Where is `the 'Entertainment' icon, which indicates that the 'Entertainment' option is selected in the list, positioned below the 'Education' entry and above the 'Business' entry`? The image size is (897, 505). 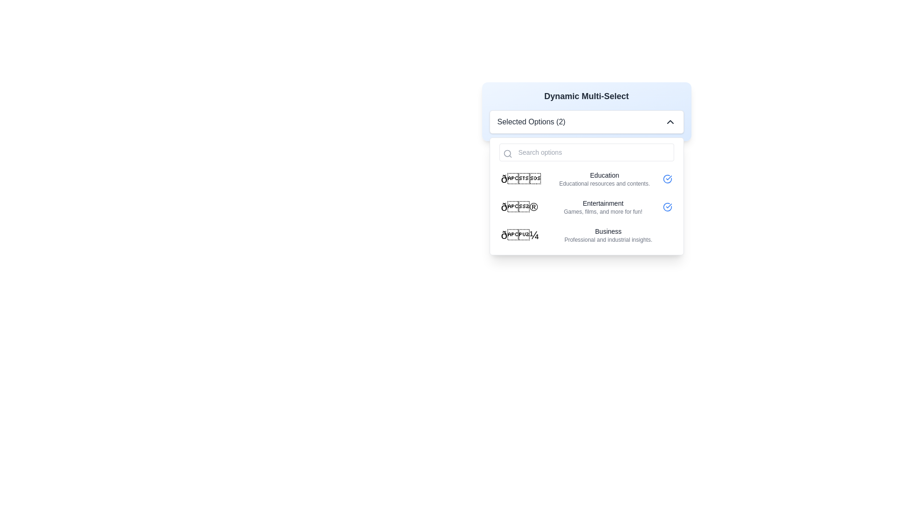 the 'Entertainment' icon, which indicates that the 'Entertainment' option is selected in the list, positioned below the 'Education' entry and above the 'Business' entry is located at coordinates (667, 207).